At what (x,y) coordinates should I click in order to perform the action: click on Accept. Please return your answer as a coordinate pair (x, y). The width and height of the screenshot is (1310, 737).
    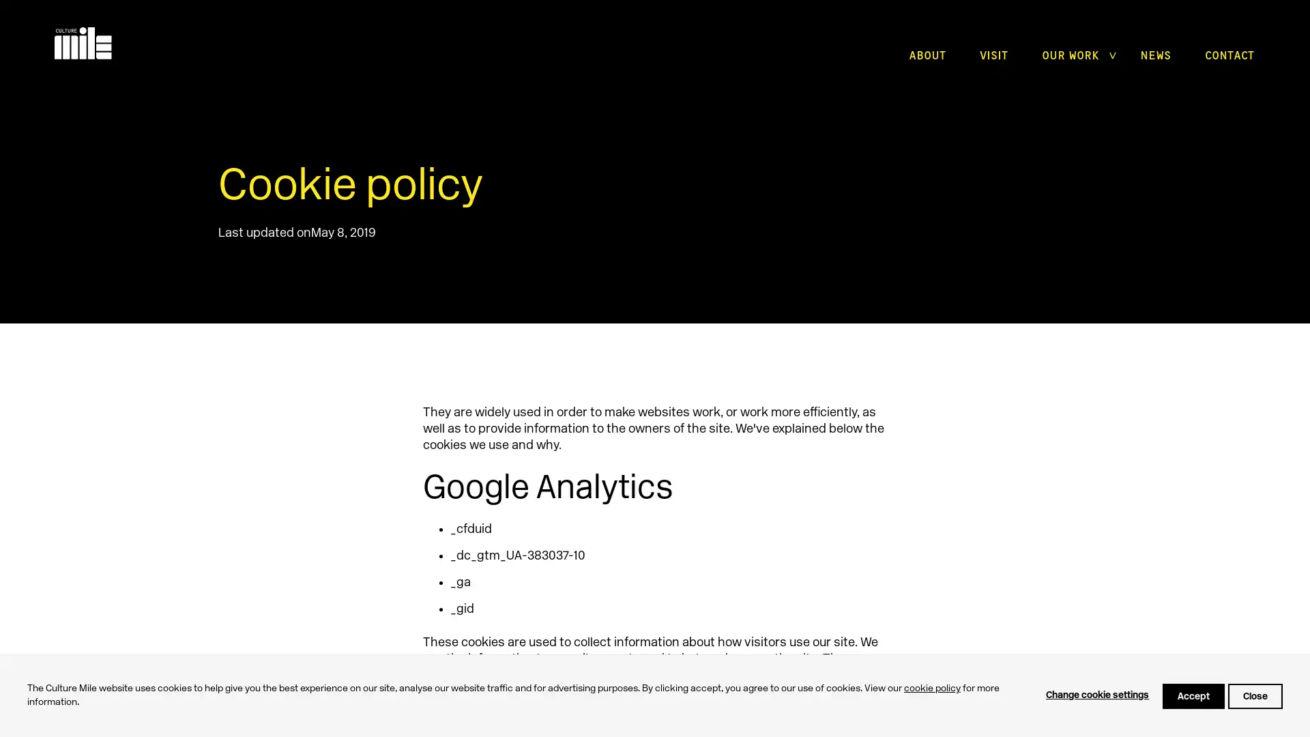
    Looking at the image, I should click on (1193, 695).